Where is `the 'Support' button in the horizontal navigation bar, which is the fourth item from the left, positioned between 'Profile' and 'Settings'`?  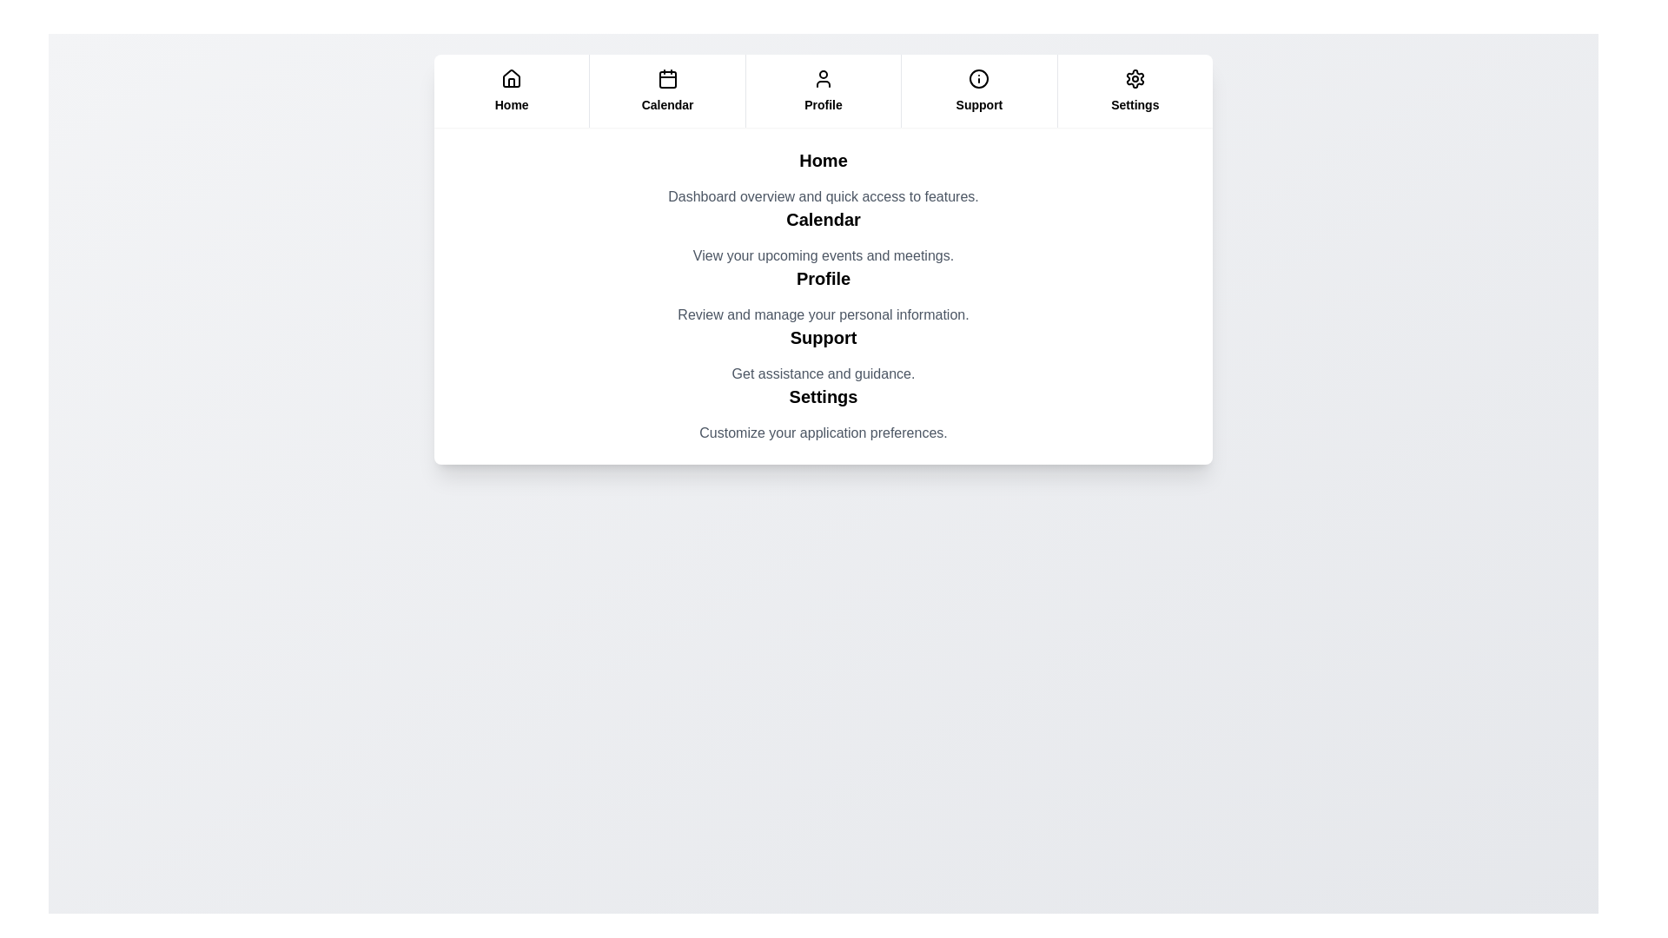
the 'Support' button in the horizontal navigation bar, which is the fourth item from the left, positioned between 'Profile' and 'Settings' is located at coordinates (978, 90).